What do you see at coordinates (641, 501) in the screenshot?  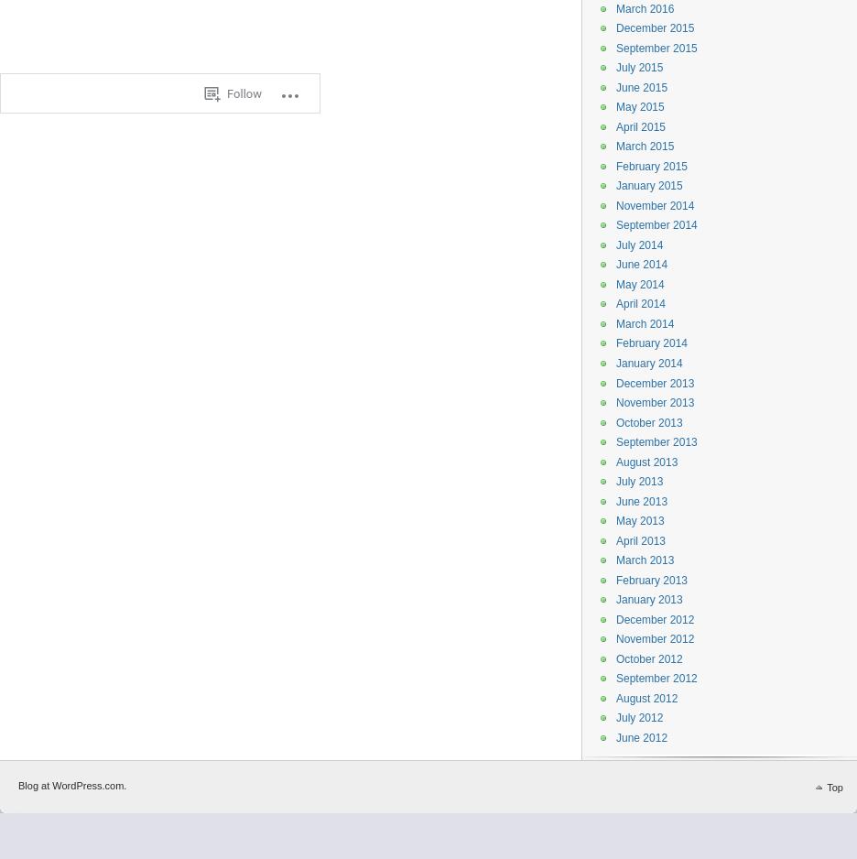 I see `'June 2013'` at bounding box center [641, 501].